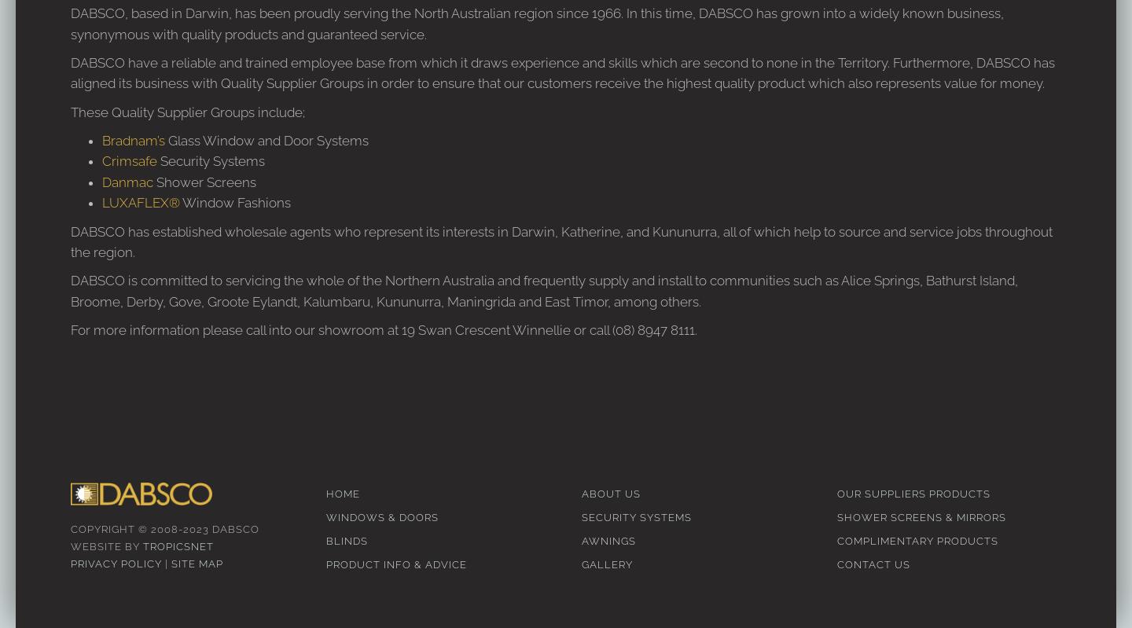 The width and height of the screenshot is (1132, 628). What do you see at coordinates (383, 328) in the screenshot?
I see `'For more information please call into our showroom at 19 Swan Crescent Winnellie or call (08) 8947 8111.'` at bounding box center [383, 328].